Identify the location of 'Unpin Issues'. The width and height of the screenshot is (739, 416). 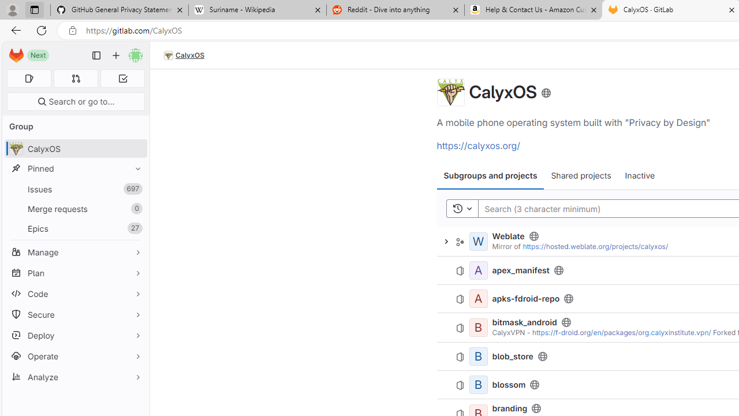
(135, 188).